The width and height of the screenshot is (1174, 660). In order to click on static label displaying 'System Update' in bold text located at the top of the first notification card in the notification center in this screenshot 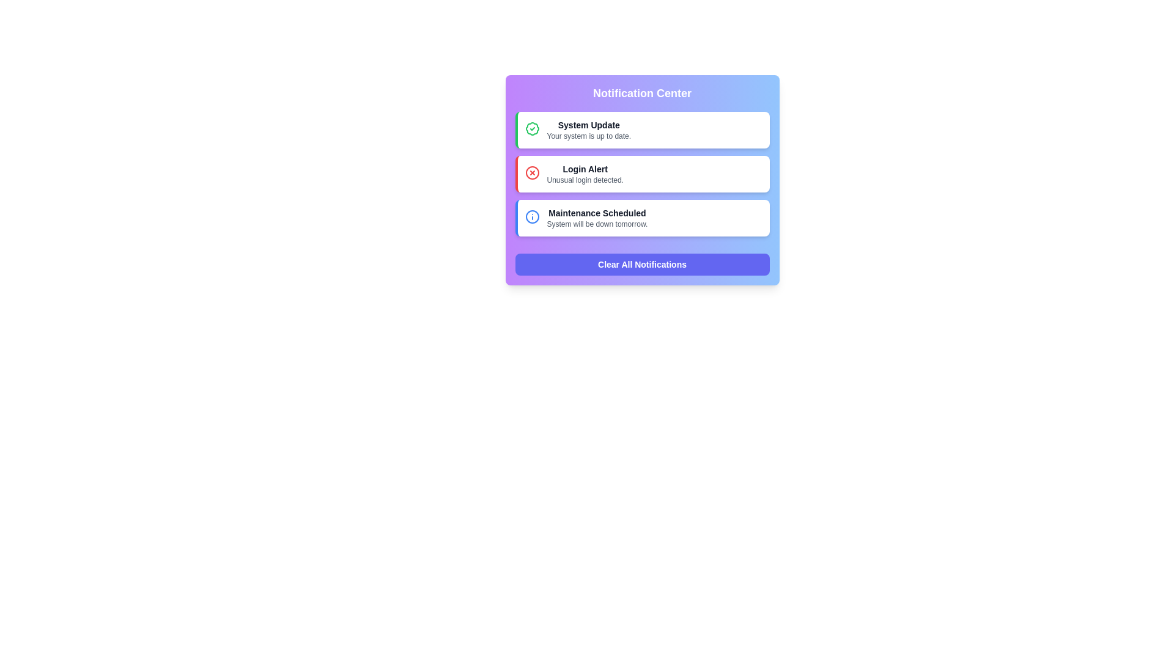, I will do `click(589, 125)`.